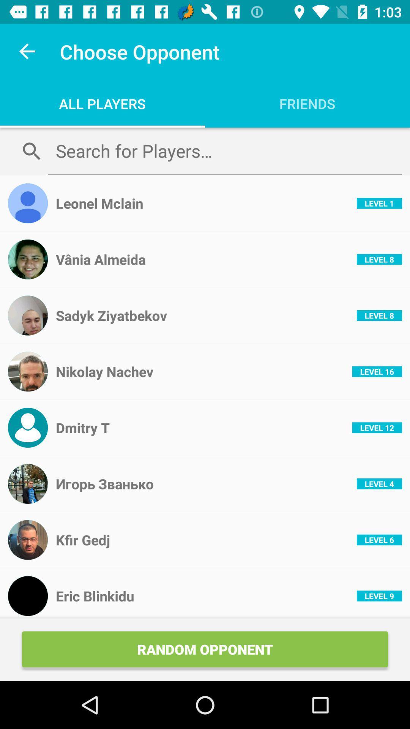  Describe the element at coordinates (224, 151) in the screenshot. I see `search for opponents` at that location.